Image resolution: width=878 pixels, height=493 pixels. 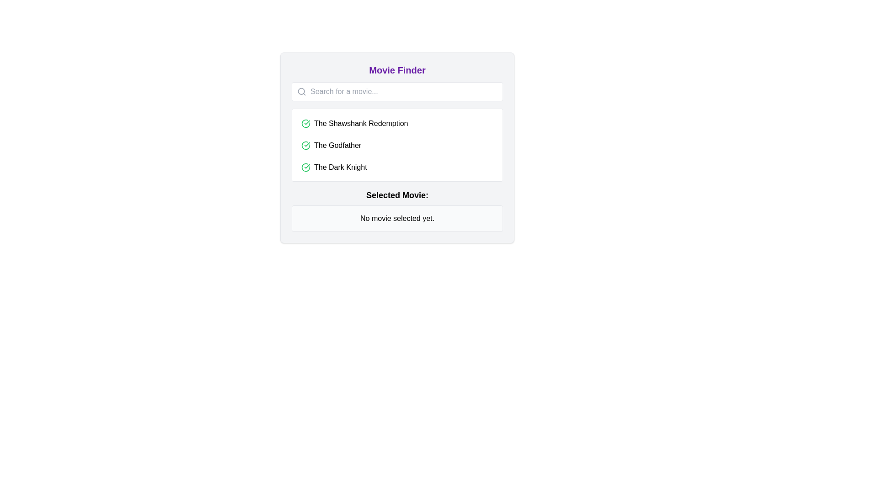 What do you see at coordinates (397, 210) in the screenshot?
I see `the text display area that shows the currently selected movie or indicates 'No movie selected yet.'` at bounding box center [397, 210].